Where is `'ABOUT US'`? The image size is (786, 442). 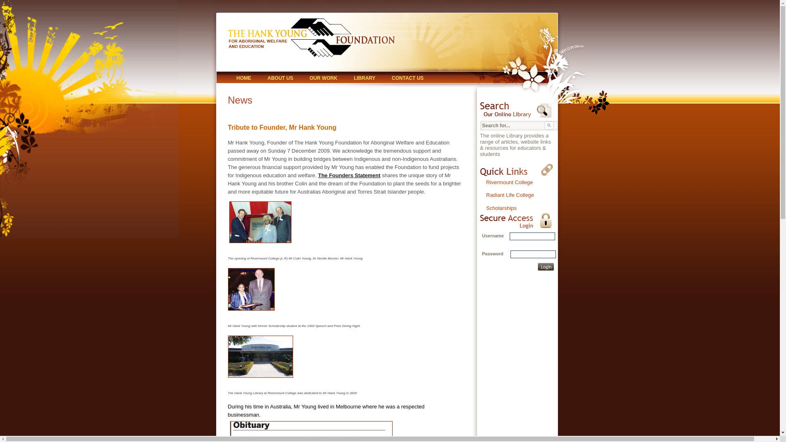 'ABOUT US' is located at coordinates (280, 78).